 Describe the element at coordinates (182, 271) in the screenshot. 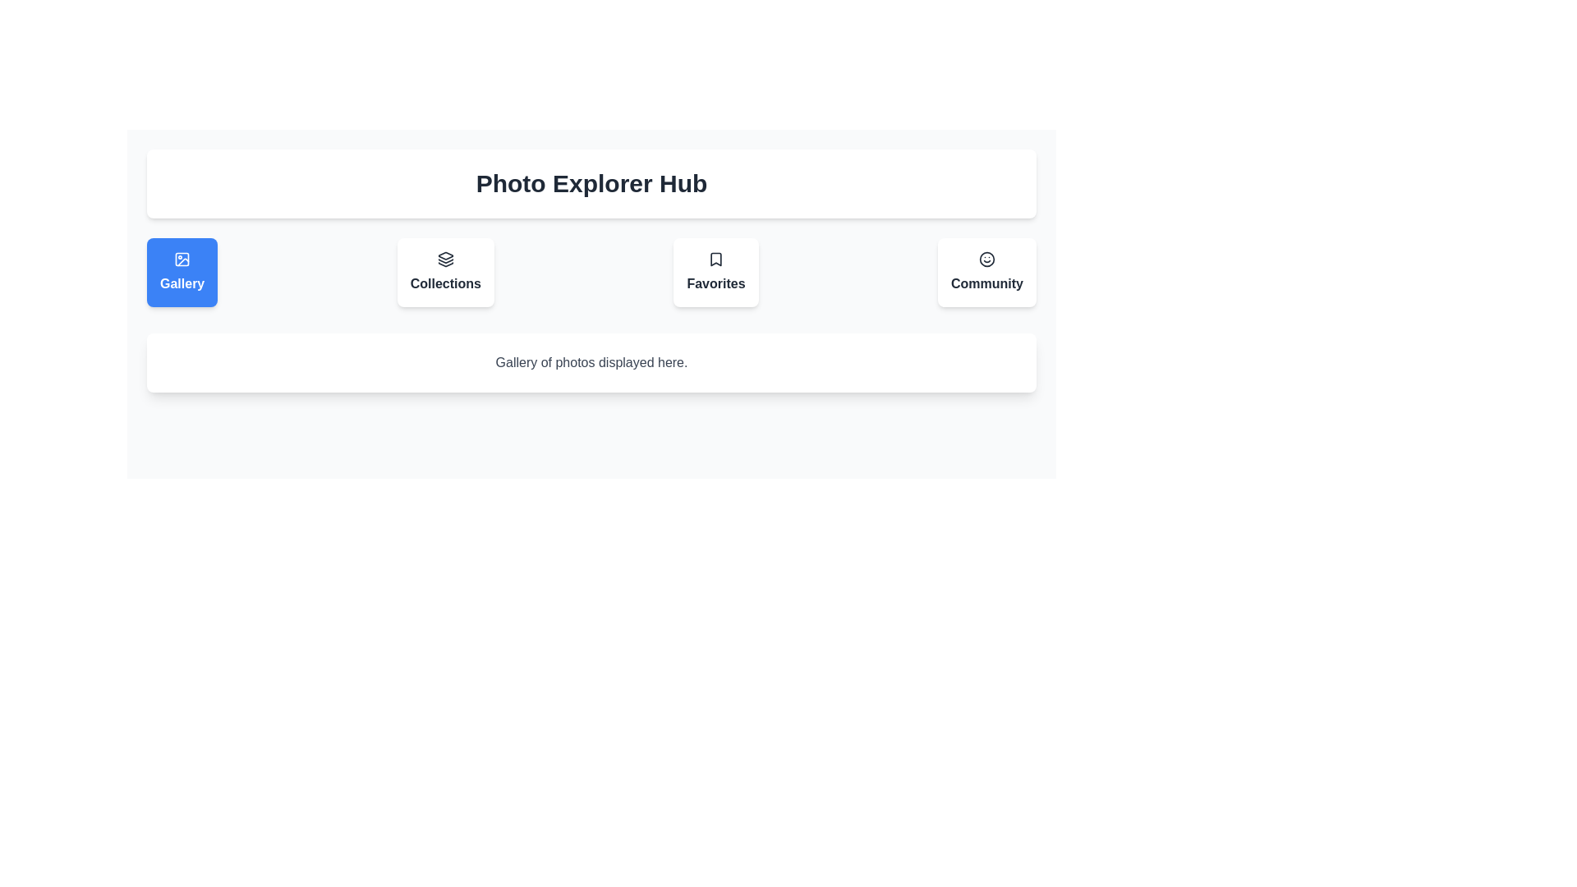

I see `the first button labeled 'Gallery'` at that location.